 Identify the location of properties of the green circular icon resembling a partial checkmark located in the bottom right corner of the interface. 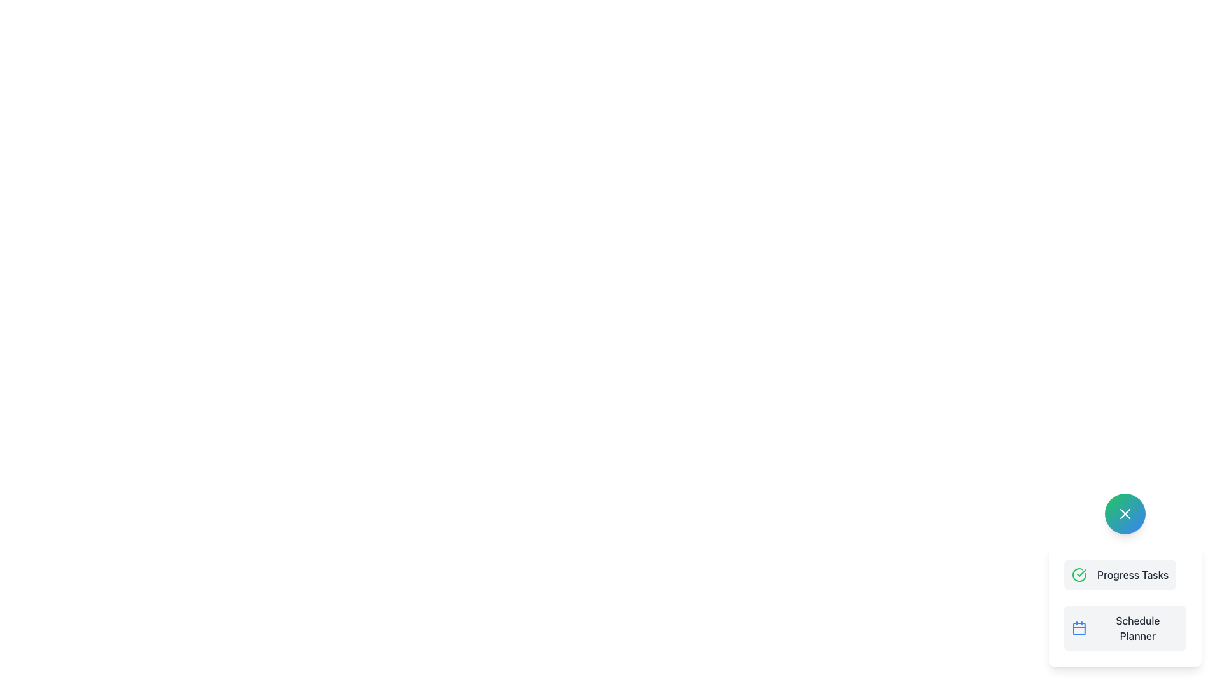
(1078, 574).